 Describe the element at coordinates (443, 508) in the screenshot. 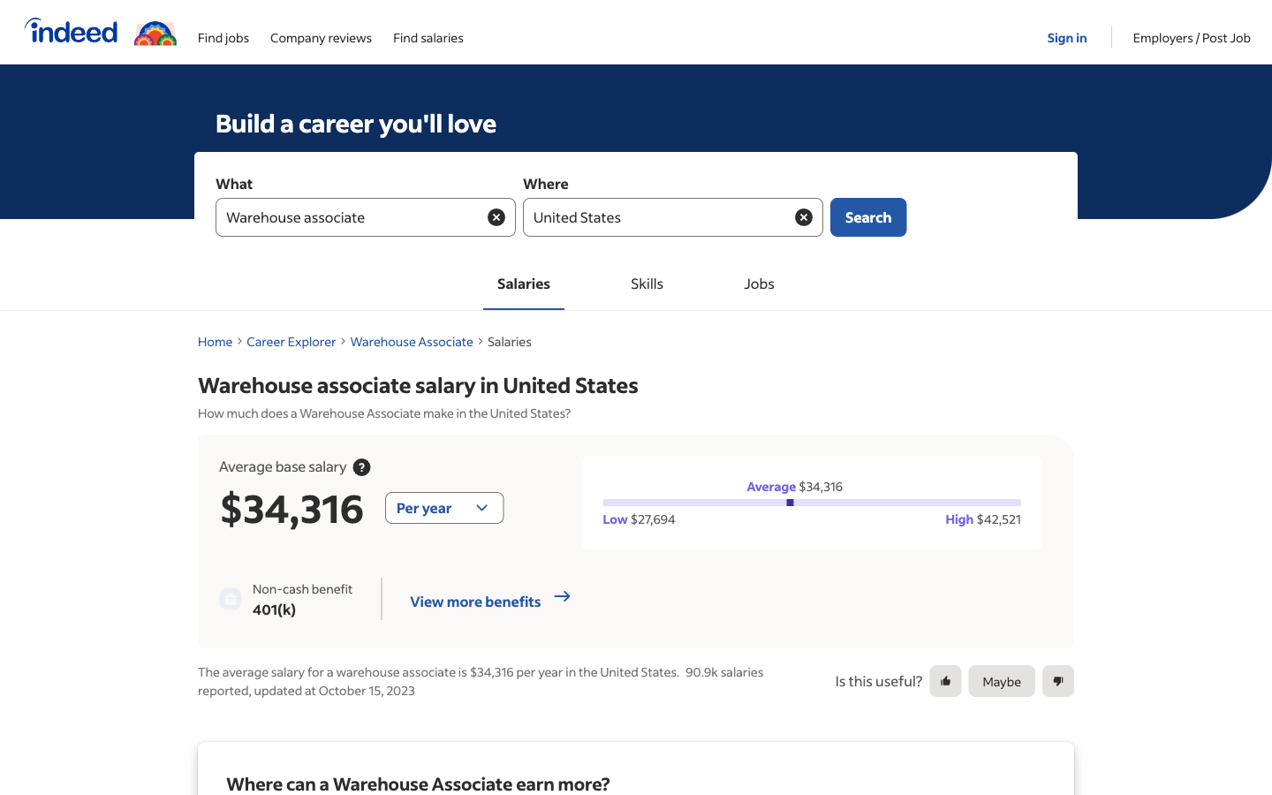

I see `Alter the salary display option` at that location.